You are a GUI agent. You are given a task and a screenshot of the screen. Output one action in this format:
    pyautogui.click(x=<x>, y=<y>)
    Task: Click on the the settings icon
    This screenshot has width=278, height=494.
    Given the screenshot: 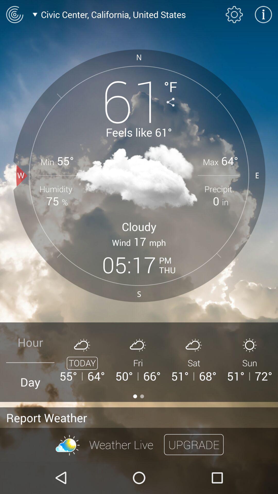 What is the action you would take?
    pyautogui.click(x=234, y=14)
    